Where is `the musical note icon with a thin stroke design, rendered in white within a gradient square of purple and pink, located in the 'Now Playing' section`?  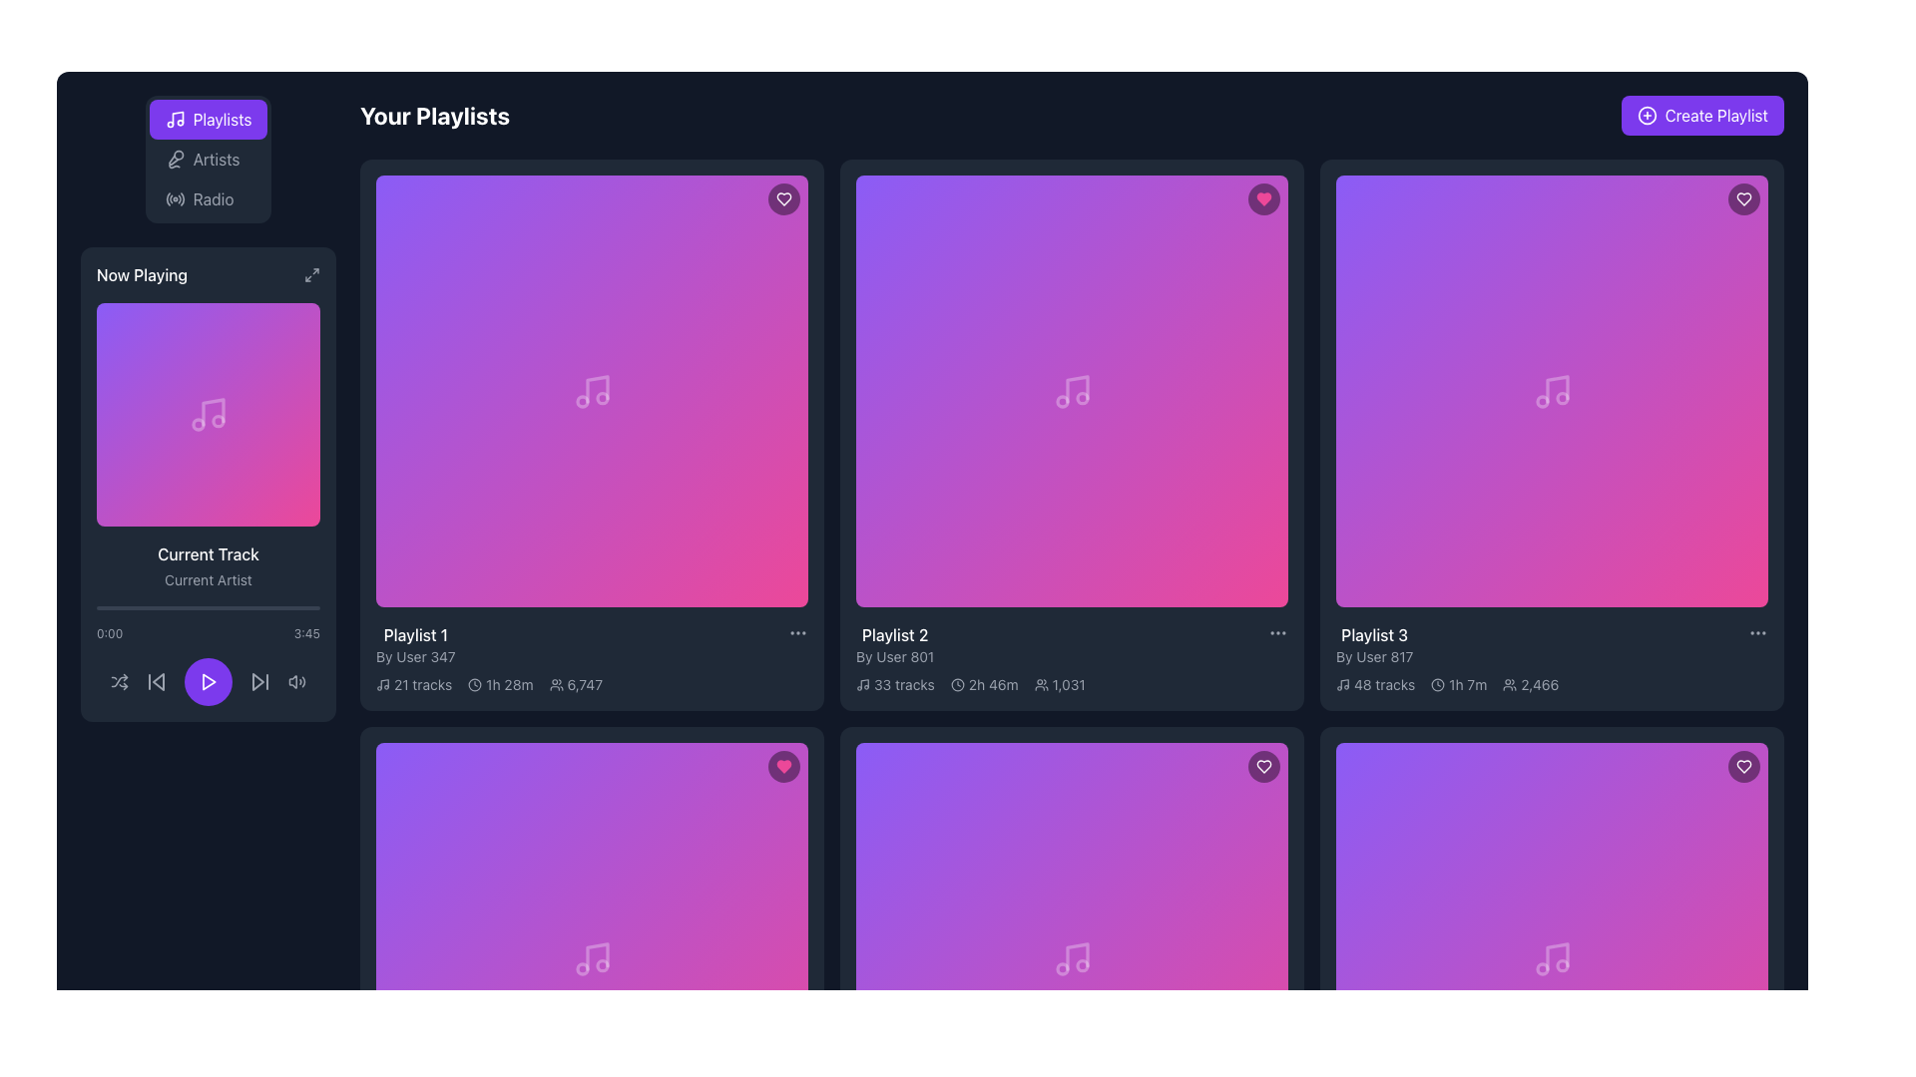 the musical note icon with a thin stroke design, rendered in white within a gradient square of purple and pink, located in the 'Now Playing' section is located at coordinates (209, 414).